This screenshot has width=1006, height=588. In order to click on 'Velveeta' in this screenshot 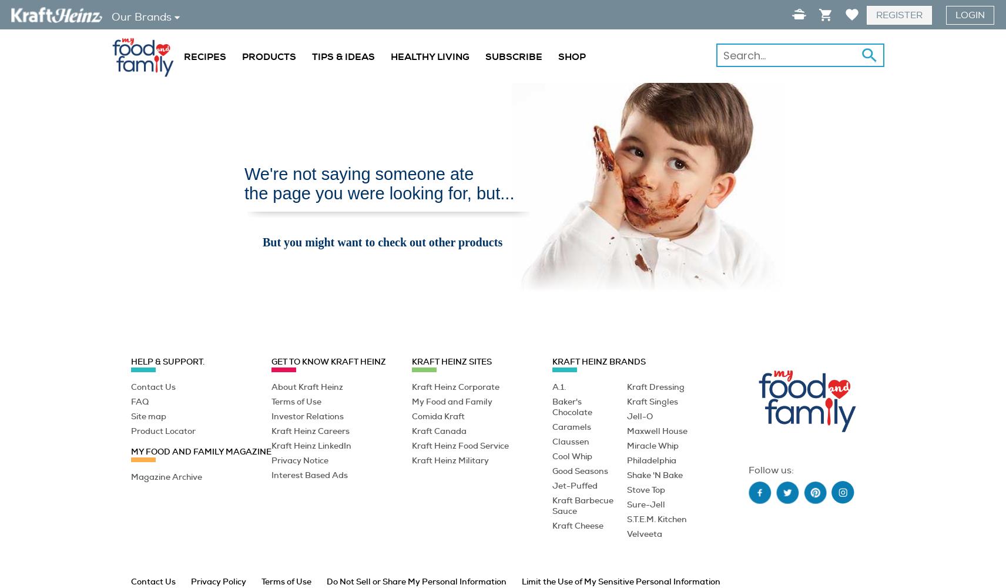, I will do `click(626, 534)`.